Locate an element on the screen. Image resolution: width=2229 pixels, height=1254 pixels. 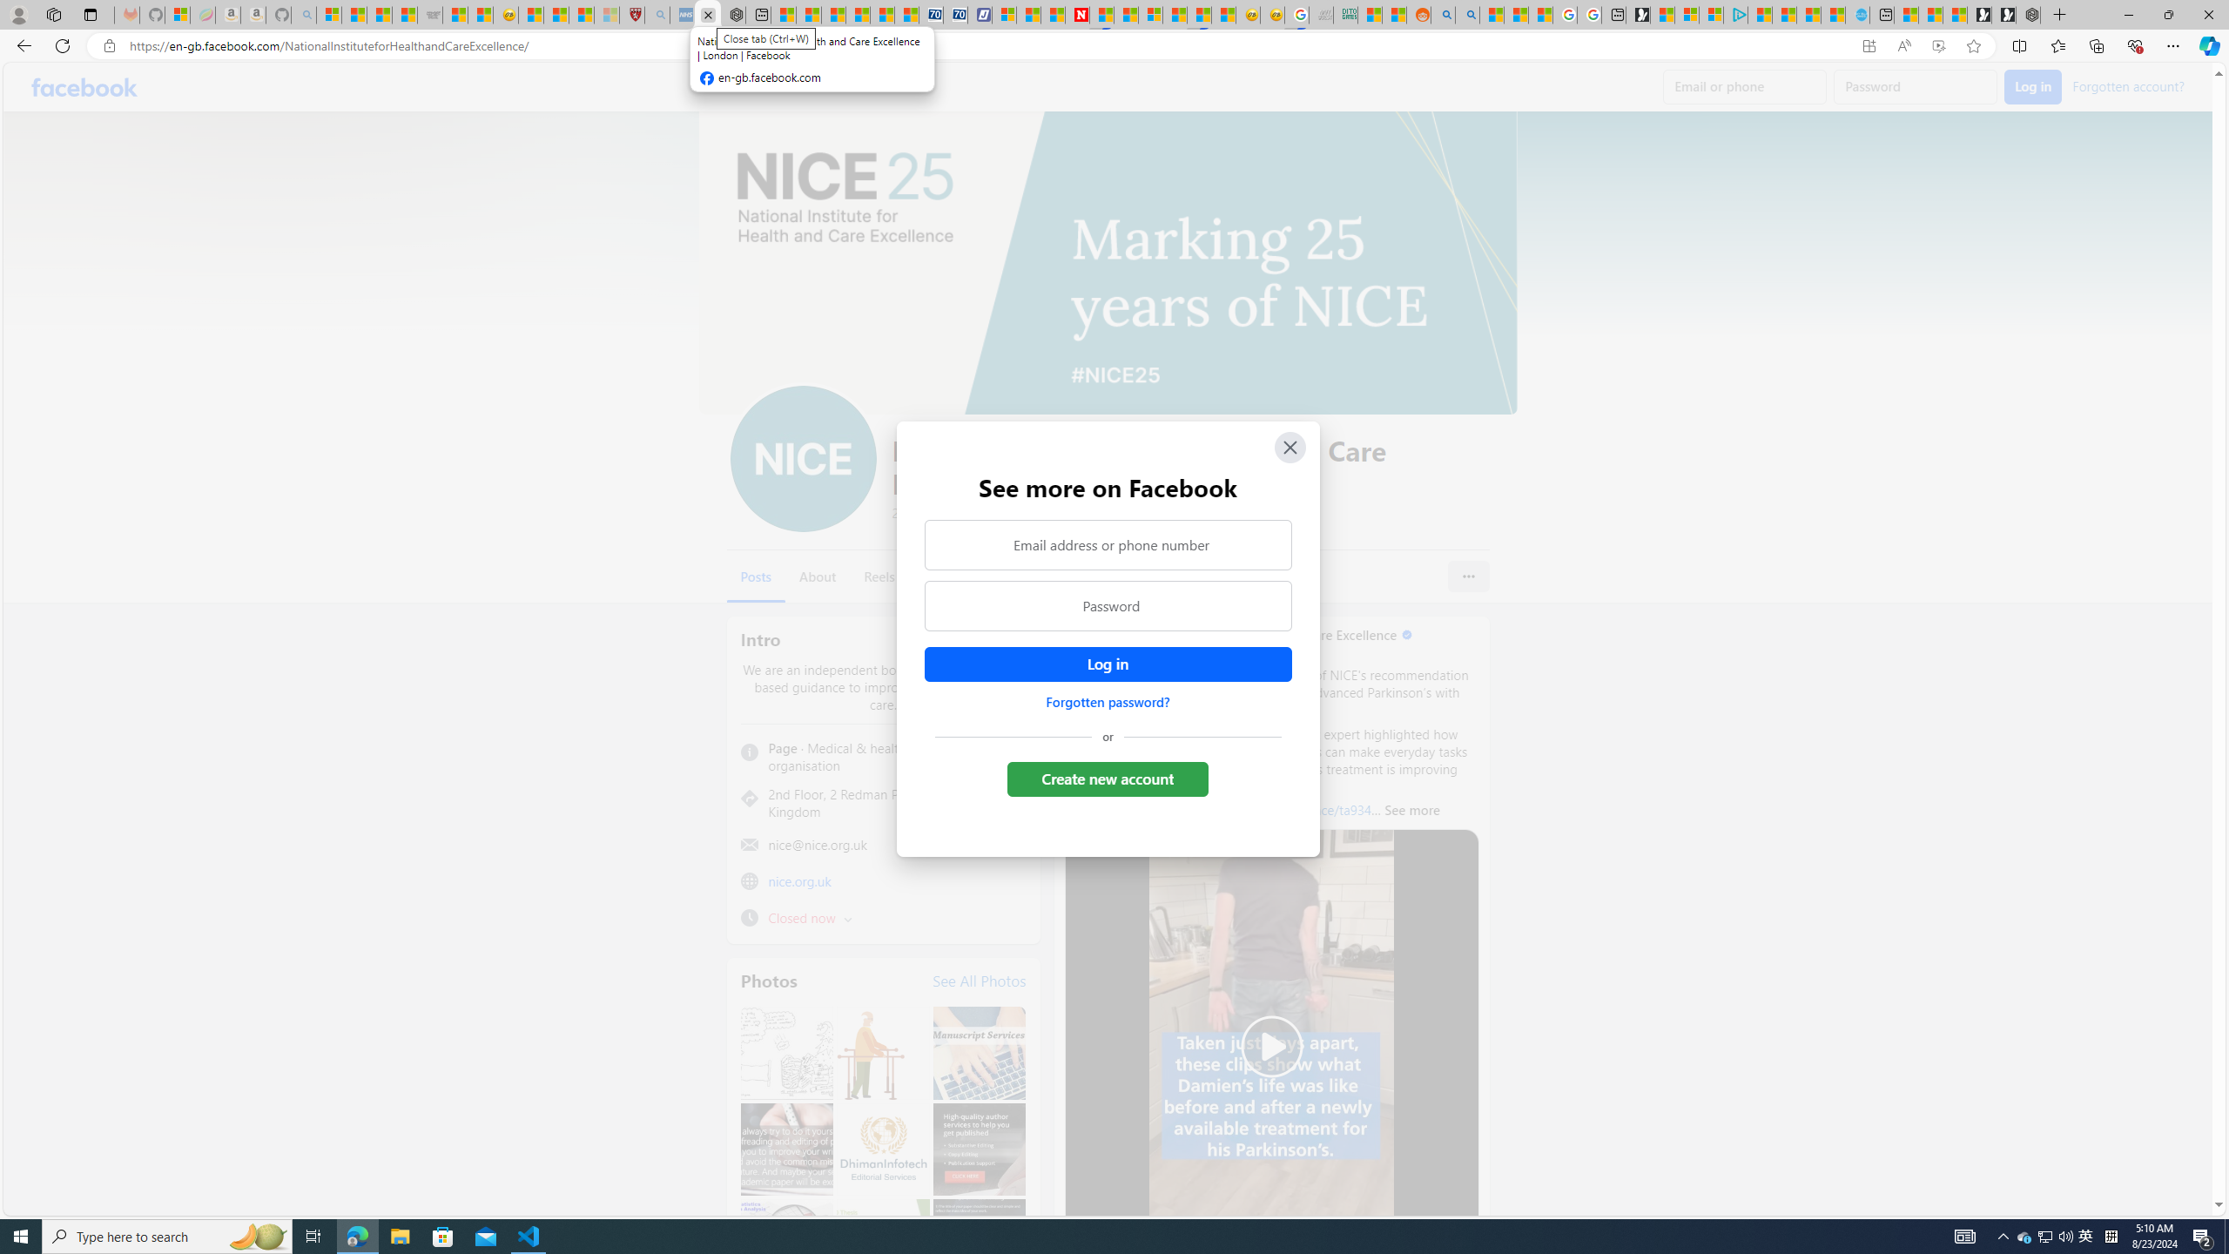
'Password' is located at coordinates (1107, 606).